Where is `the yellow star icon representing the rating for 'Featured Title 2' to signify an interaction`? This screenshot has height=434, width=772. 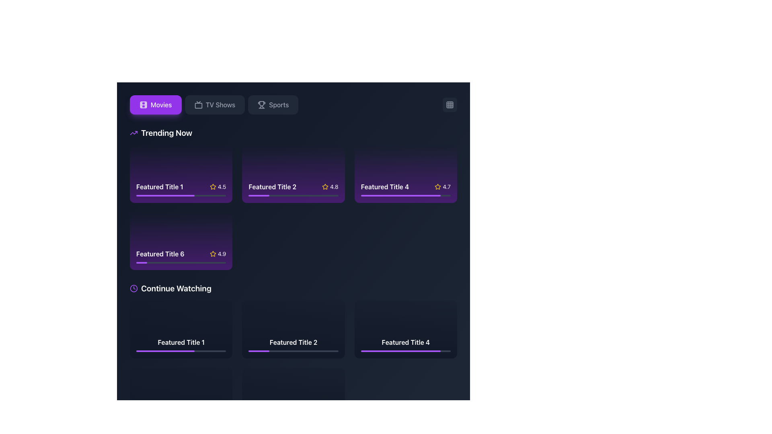 the yellow star icon representing the rating for 'Featured Title 2' to signify an interaction is located at coordinates (325, 186).